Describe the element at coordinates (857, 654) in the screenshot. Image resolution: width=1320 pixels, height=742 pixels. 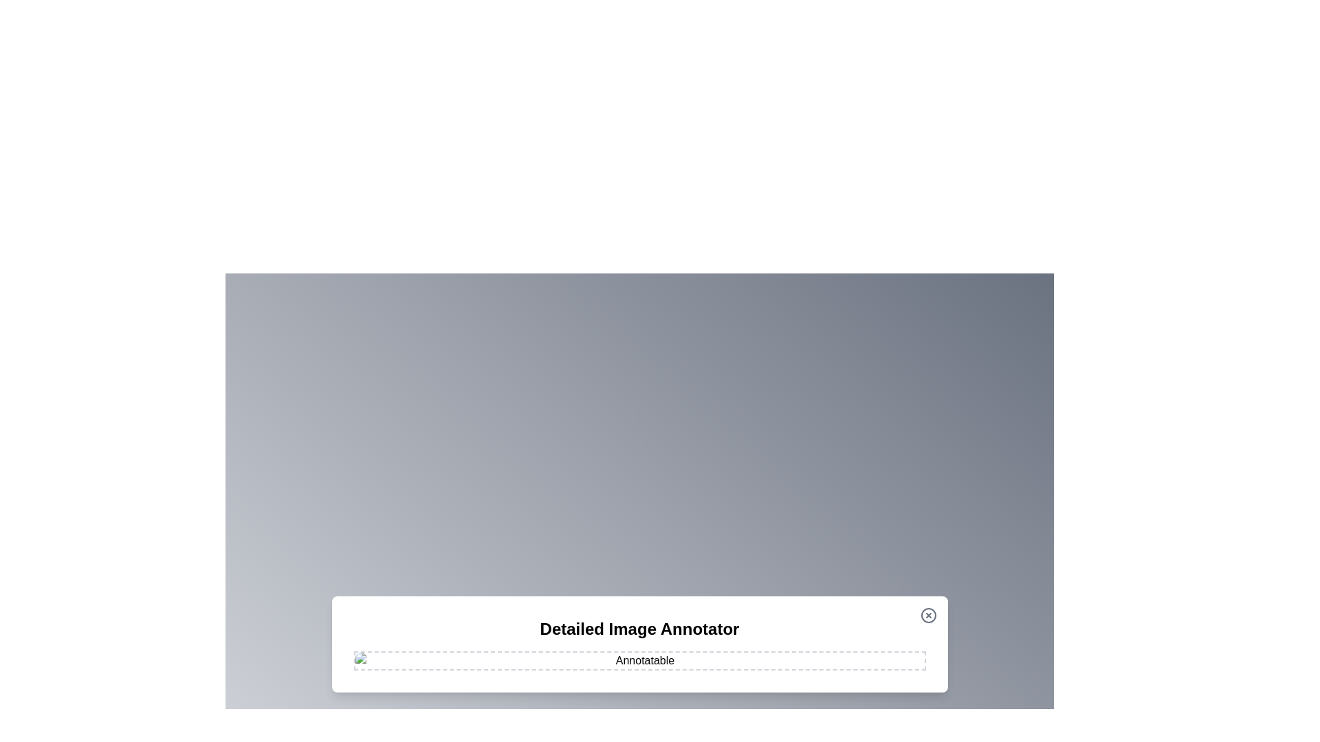
I see `the image at coordinates (1249, 954) to add an annotation` at that location.